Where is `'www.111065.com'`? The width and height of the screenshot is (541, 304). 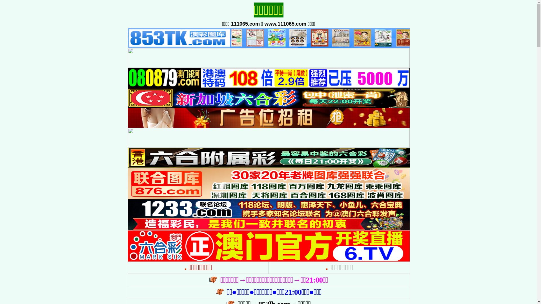
'www.111065.com' is located at coordinates (264, 23).